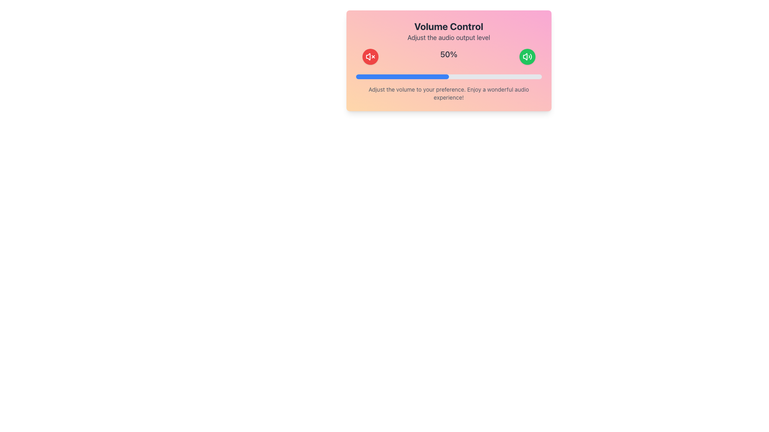 This screenshot has width=769, height=432. Describe the element at coordinates (402, 77) in the screenshot. I see `the Progress indicator in the Volume Control interface, which visually indicates the current volume level and is located at the center of the progress bar` at that location.